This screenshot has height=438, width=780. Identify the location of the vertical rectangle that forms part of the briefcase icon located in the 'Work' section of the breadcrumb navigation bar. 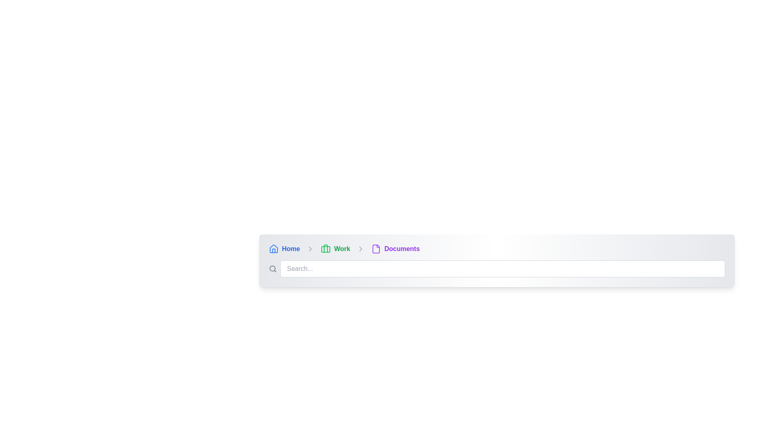
(326, 248).